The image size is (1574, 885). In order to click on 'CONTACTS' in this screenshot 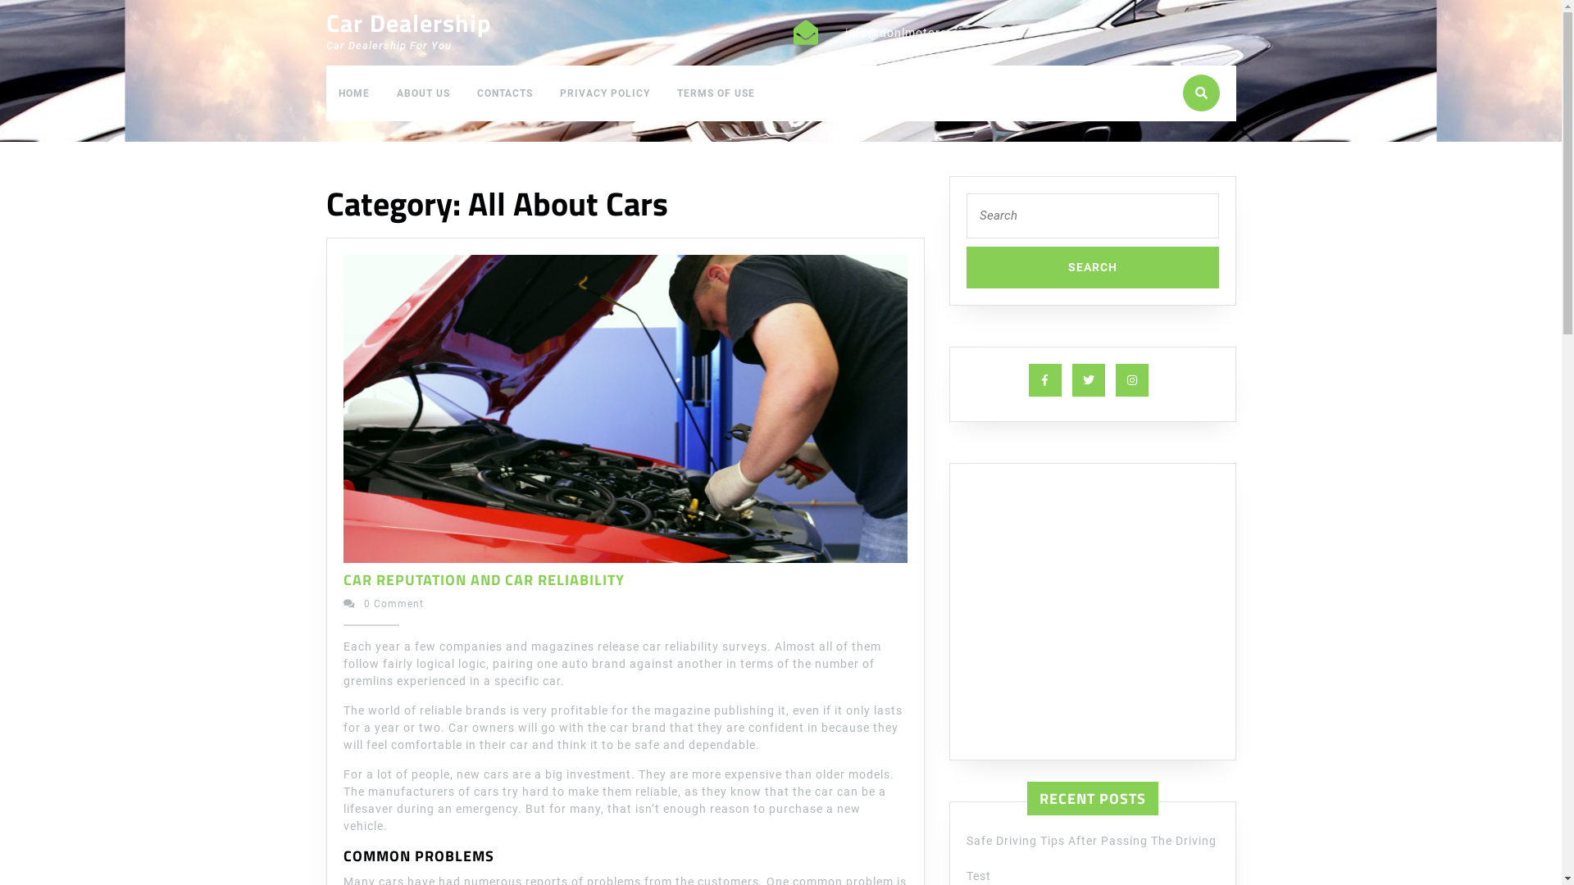, I will do `click(503, 93)`.